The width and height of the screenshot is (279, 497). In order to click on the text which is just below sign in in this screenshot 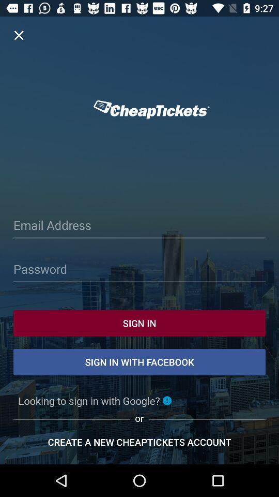, I will do `click(139, 362)`.